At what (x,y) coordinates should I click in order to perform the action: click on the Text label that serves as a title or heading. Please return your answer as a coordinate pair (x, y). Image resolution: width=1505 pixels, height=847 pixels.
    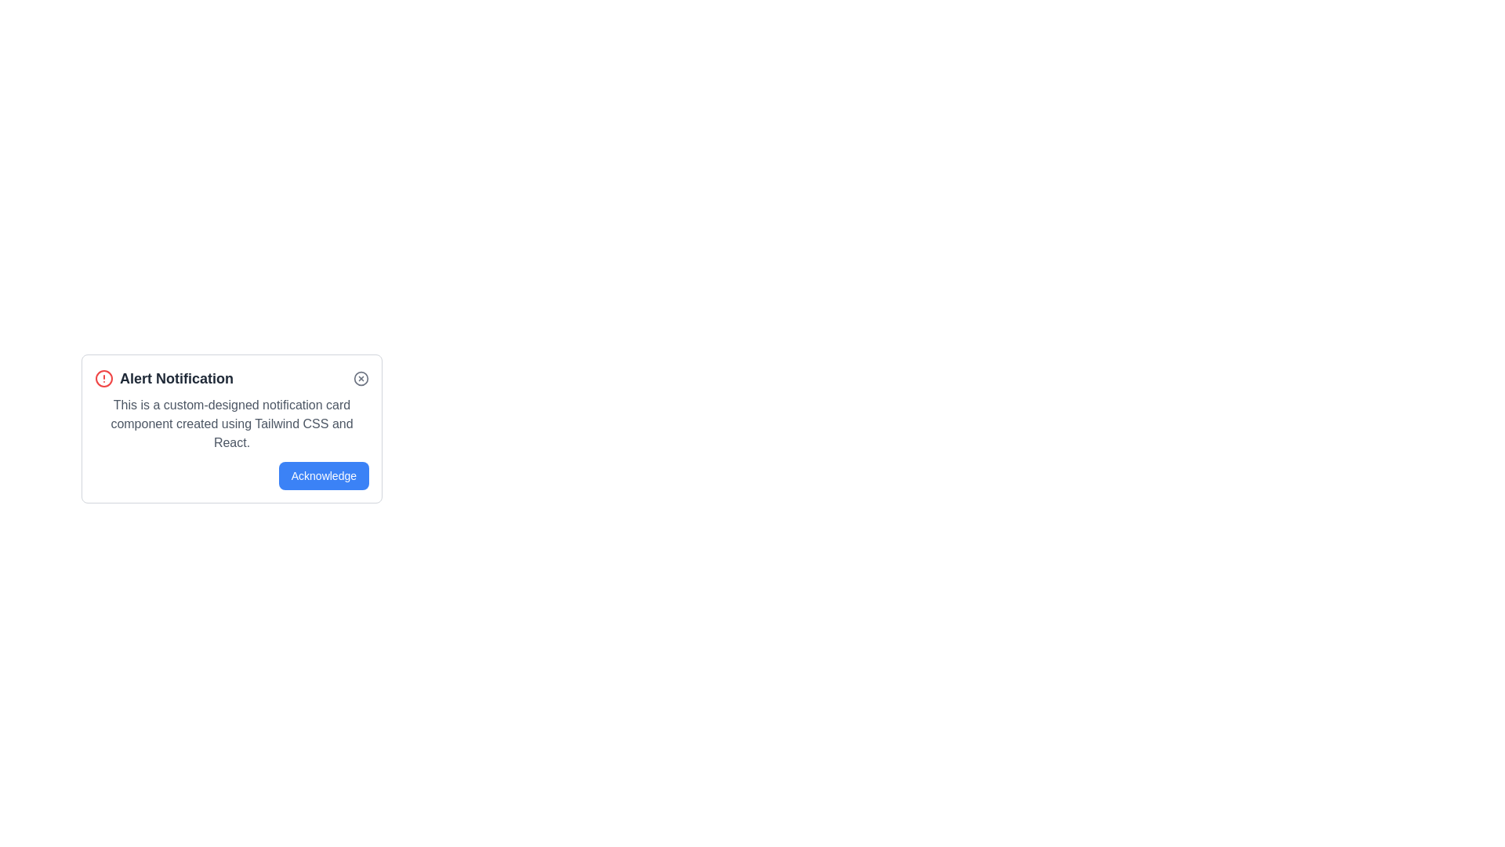
    Looking at the image, I should click on (164, 378).